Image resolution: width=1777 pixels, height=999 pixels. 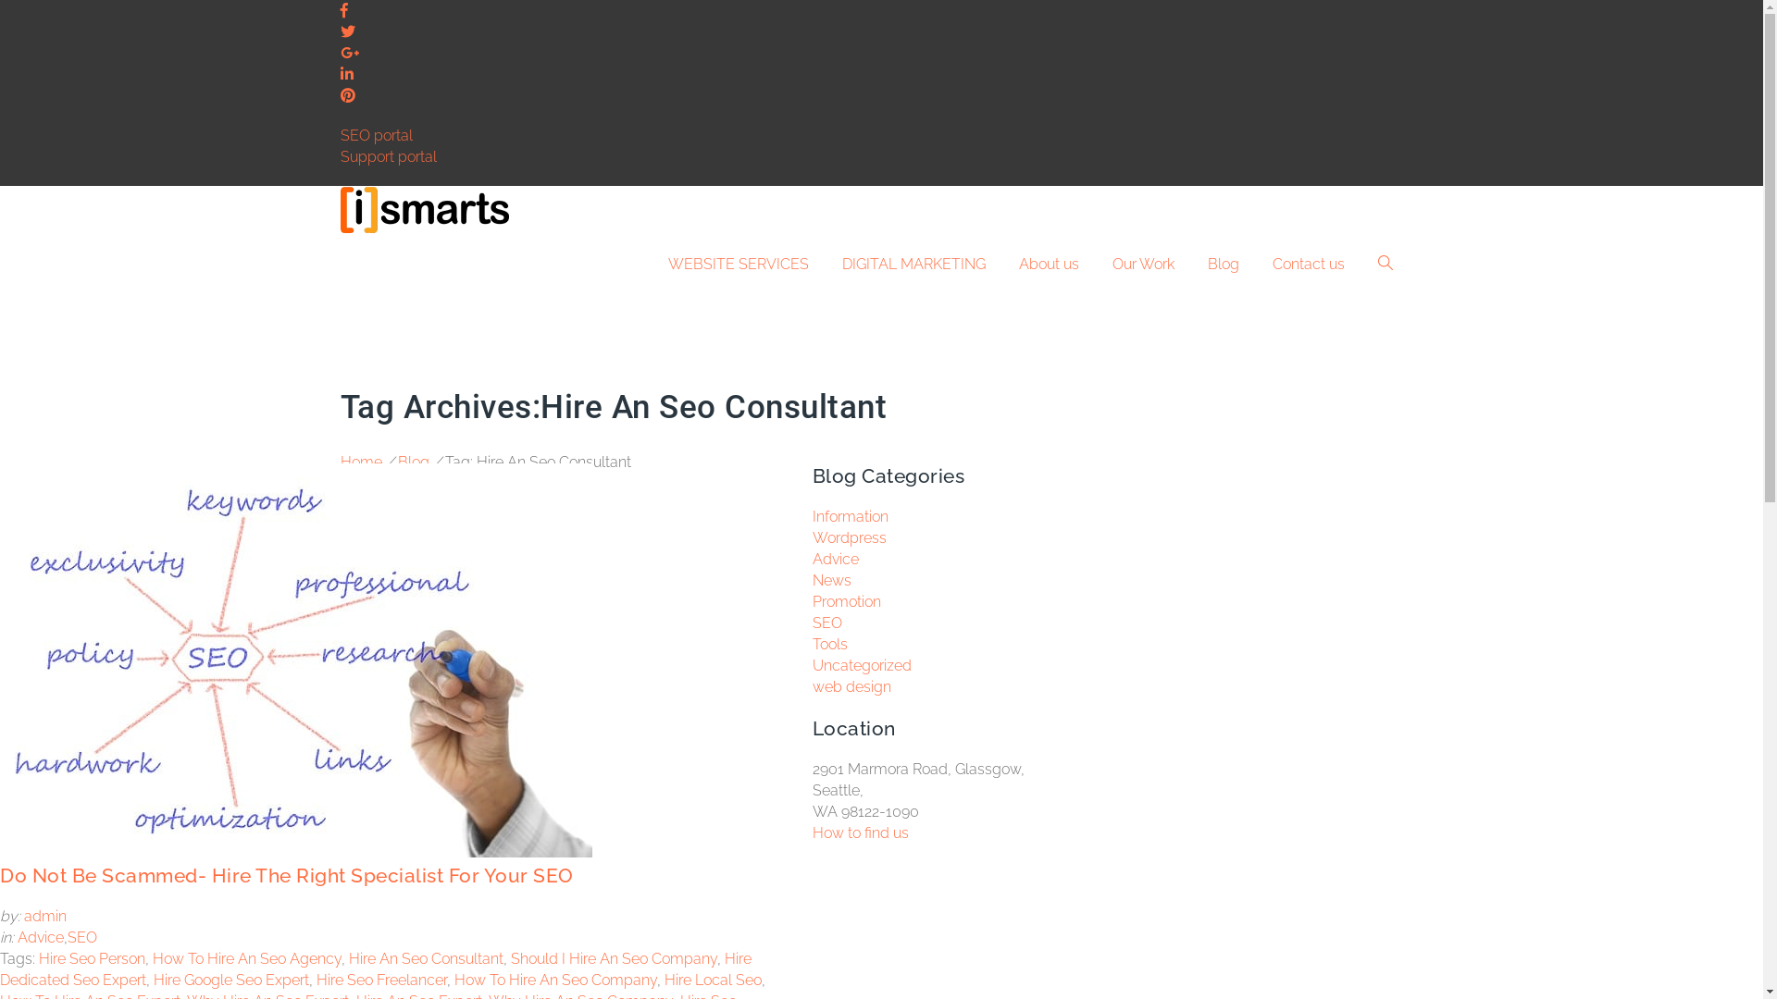 What do you see at coordinates (361, 461) in the screenshot?
I see `'Home'` at bounding box center [361, 461].